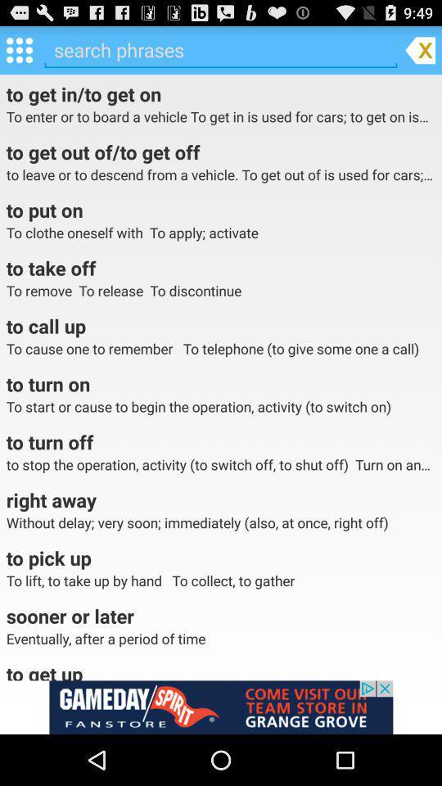 The height and width of the screenshot is (786, 442). I want to click on the app, so click(420, 48).